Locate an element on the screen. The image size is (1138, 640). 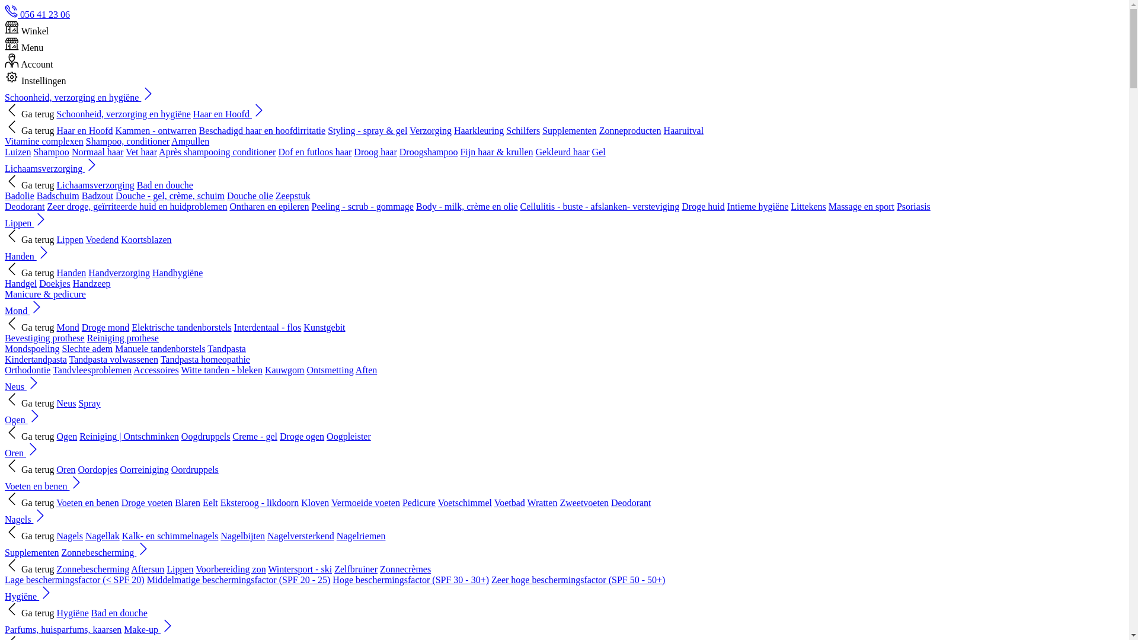
'Orthodontie' is located at coordinates (27, 369).